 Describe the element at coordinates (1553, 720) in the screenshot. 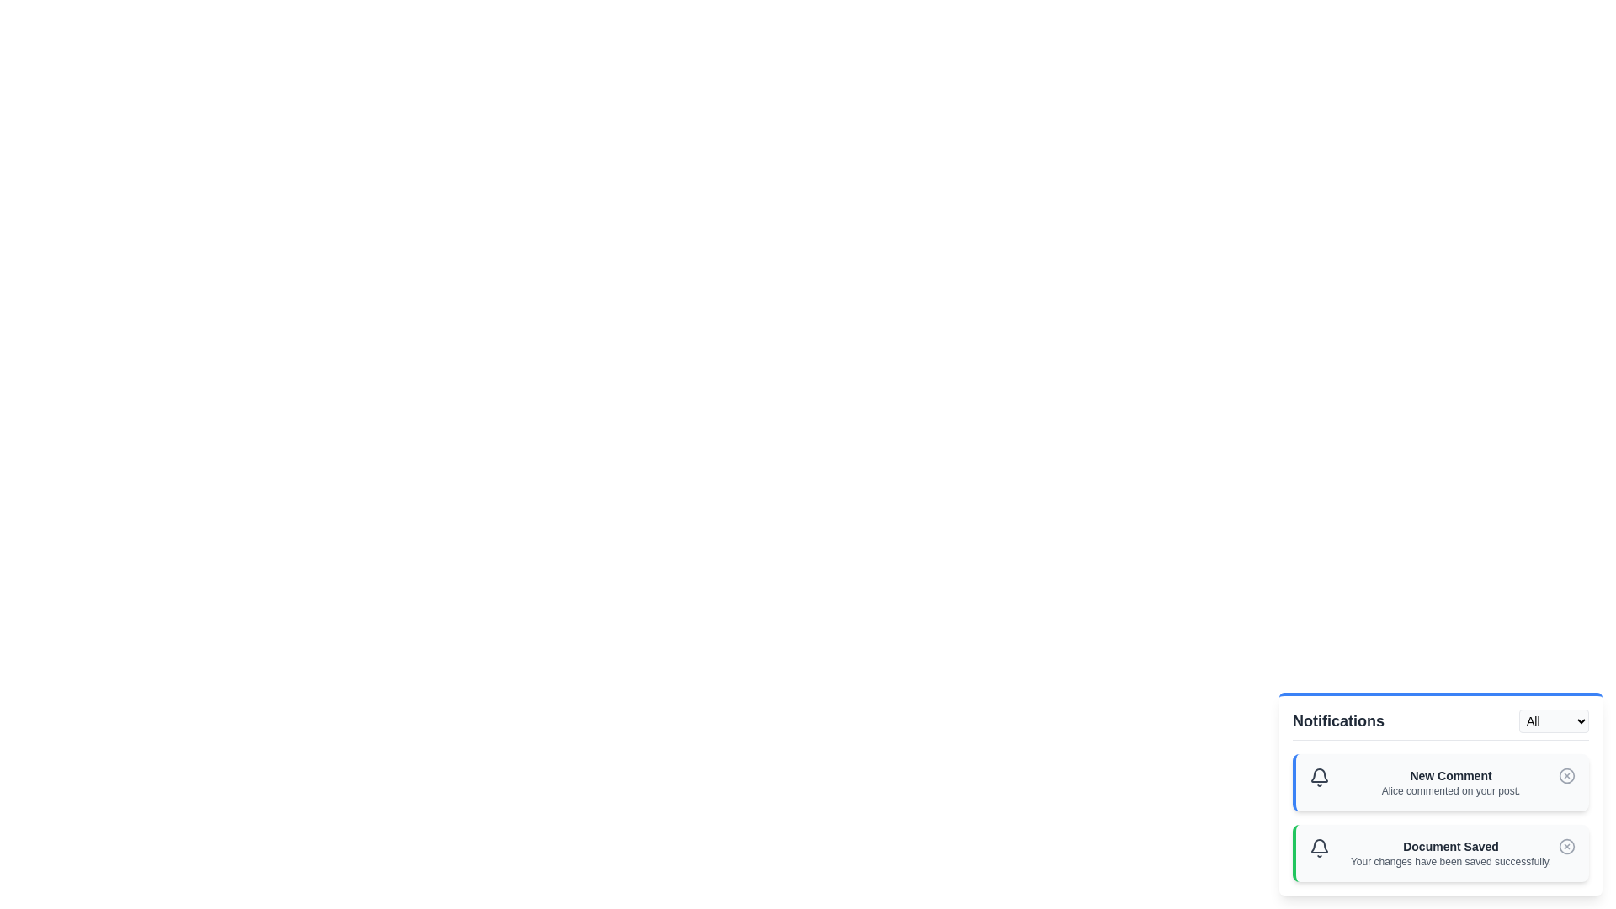

I see `the notification filter type to Info` at that location.